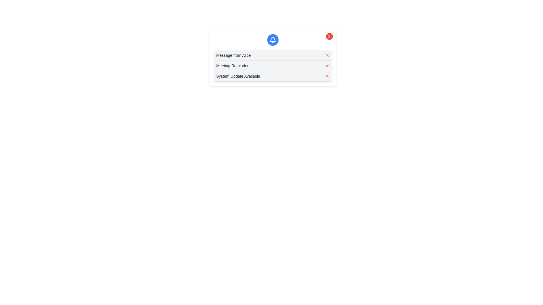  I want to click on the small red cross icon used as a delete button for the 'Meeting Reminder' notification, so click(327, 65).